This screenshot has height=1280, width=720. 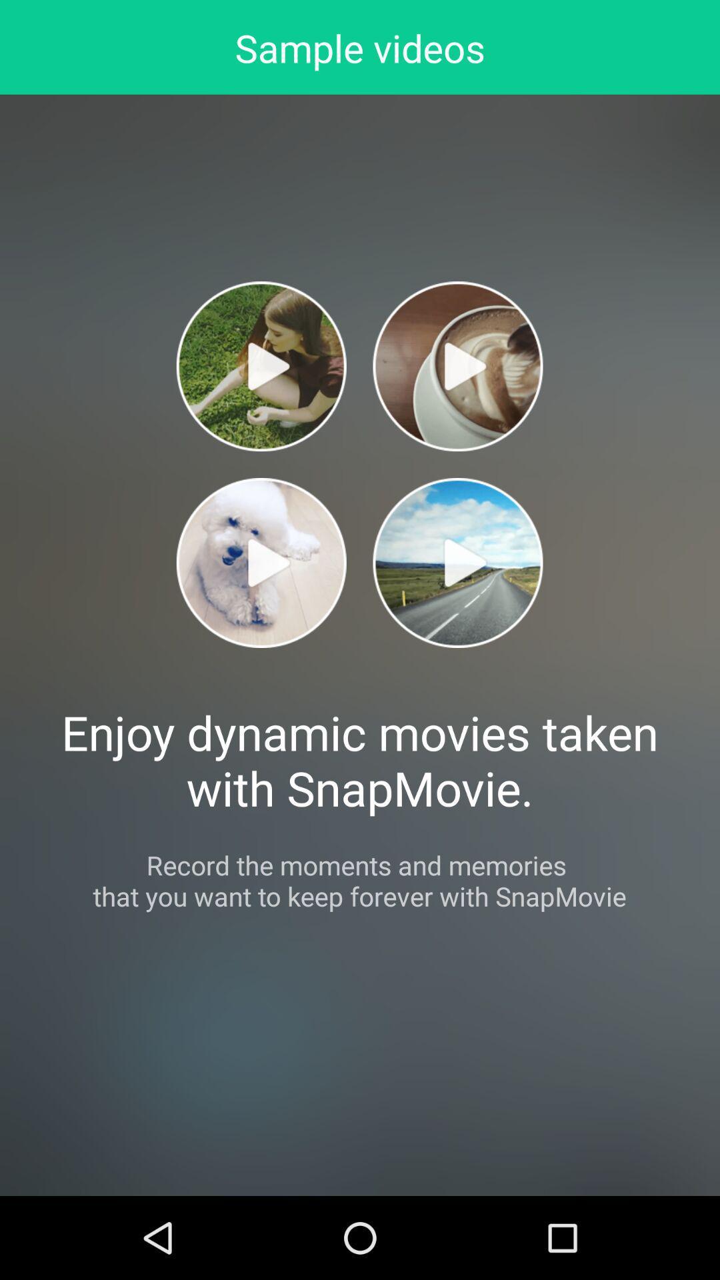 What do you see at coordinates (261, 563) in the screenshot?
I see `video` at bounding box center [261, 563].